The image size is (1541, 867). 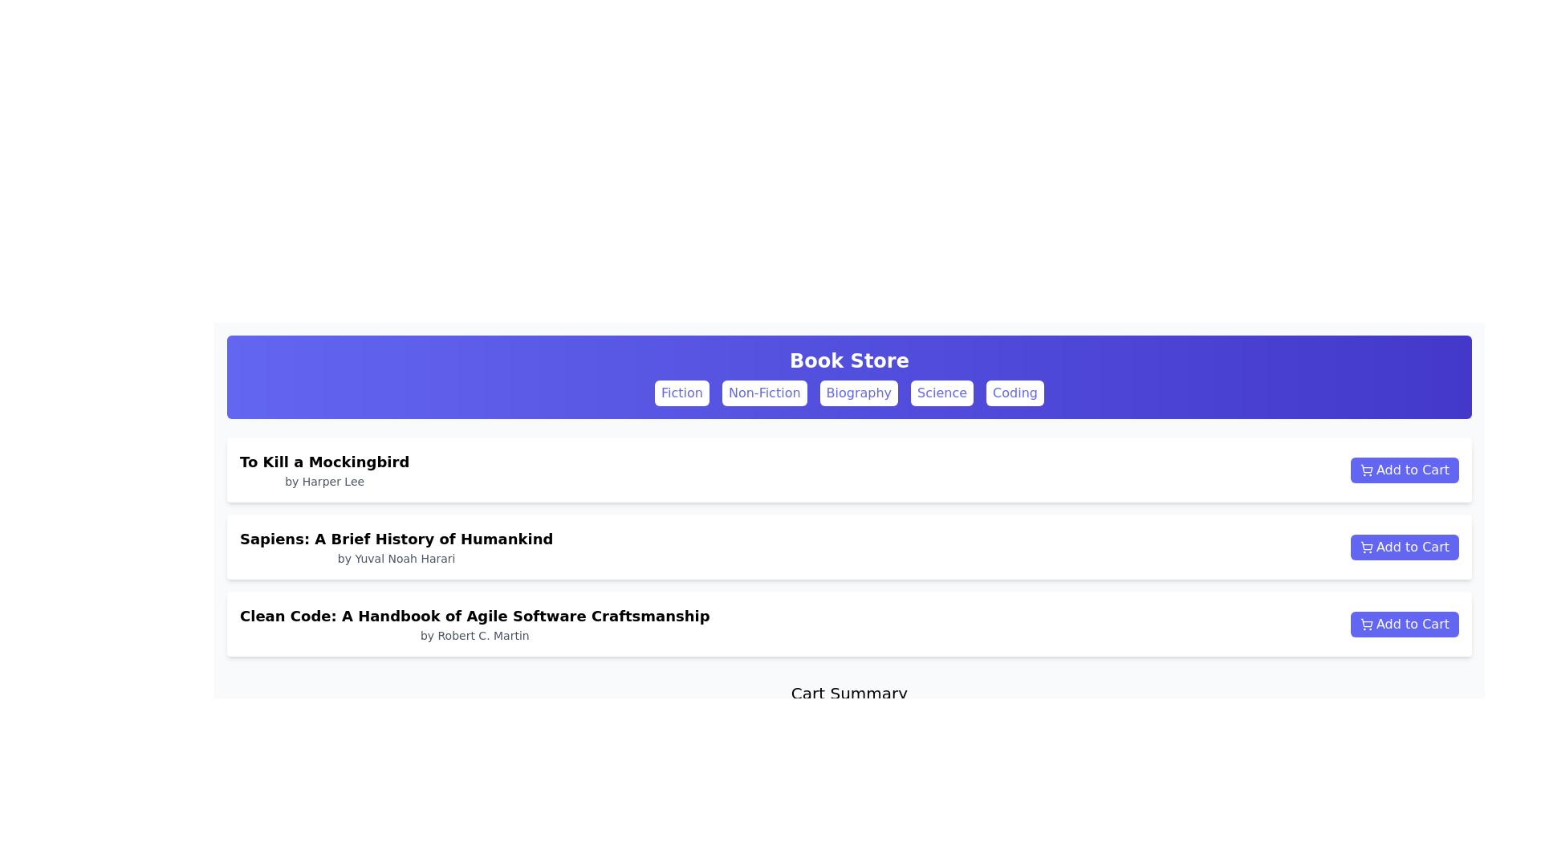 I want to click on the shopping cart icon, which is styled with a simplistic design and is positioned to the left of the 'Add to Cart' button for the second item in the list, so click(x=1365, y=544).